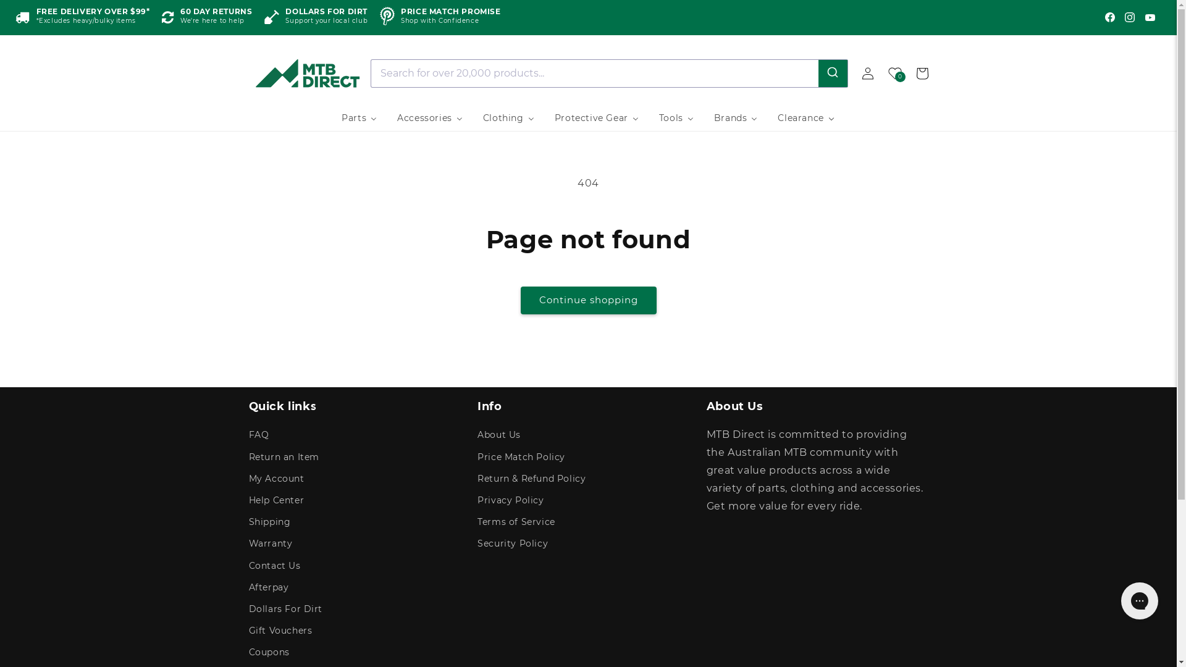  I want to click on 'Cart', so click(922, 73).